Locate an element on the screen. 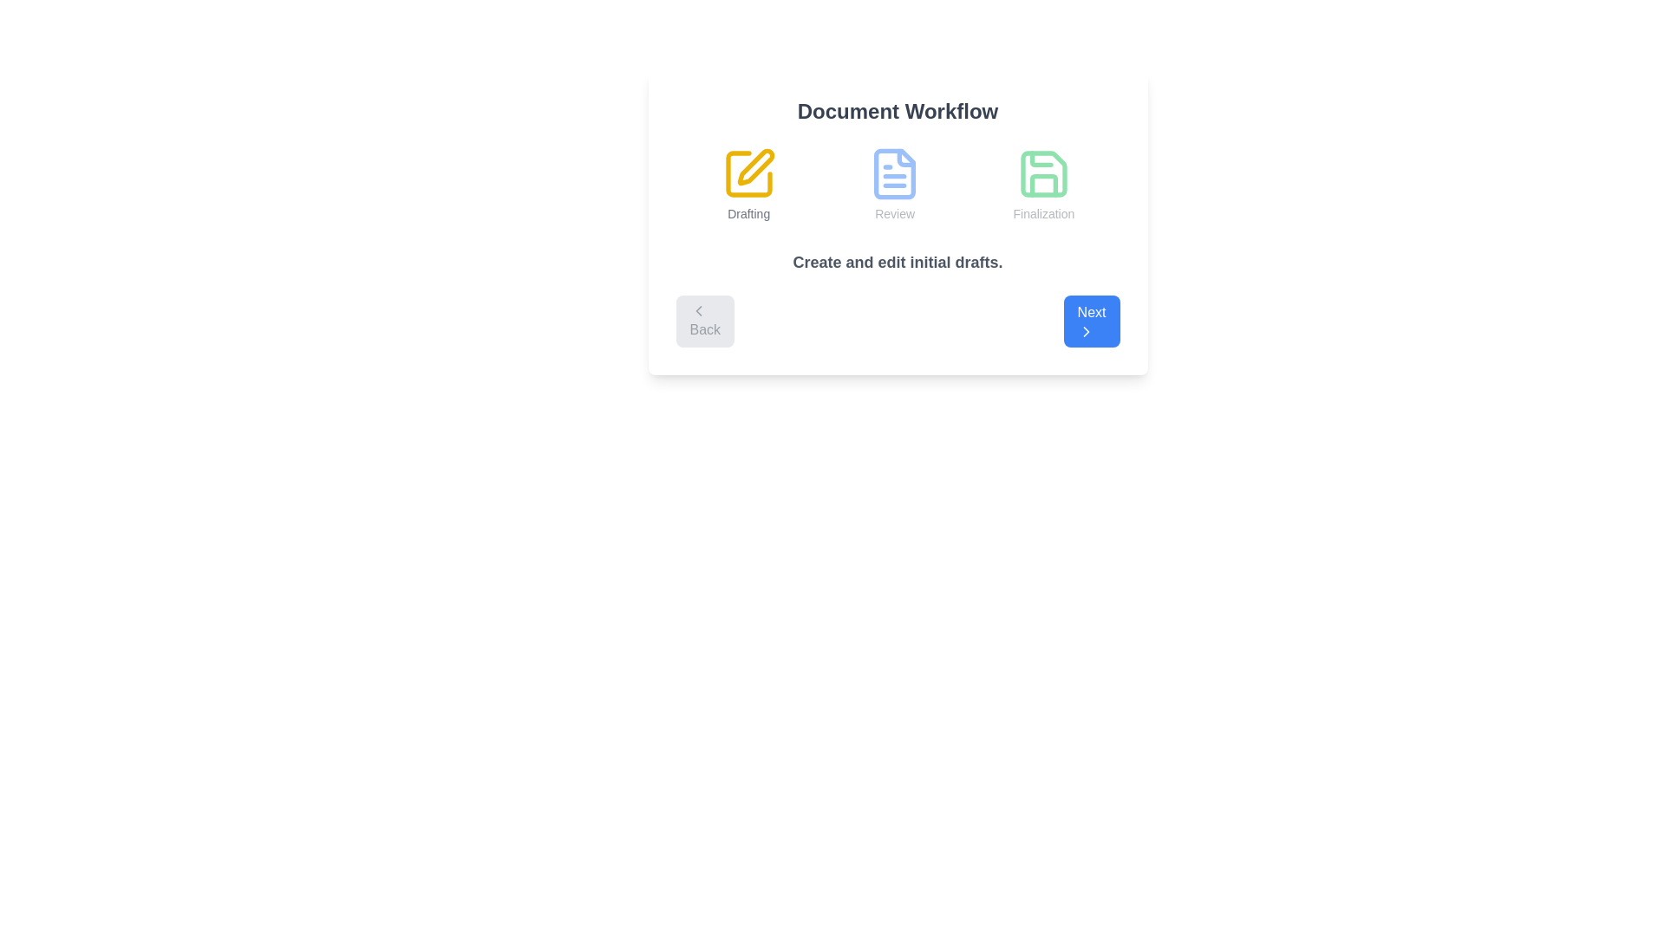 Image resolution: width=1665 pixels, height=936 pixels. the curved line representing the folded corner of the file symbol in the SVG graphic, located at the top-right corner underneath the 'Review' label is located at coordinates (905, 158).